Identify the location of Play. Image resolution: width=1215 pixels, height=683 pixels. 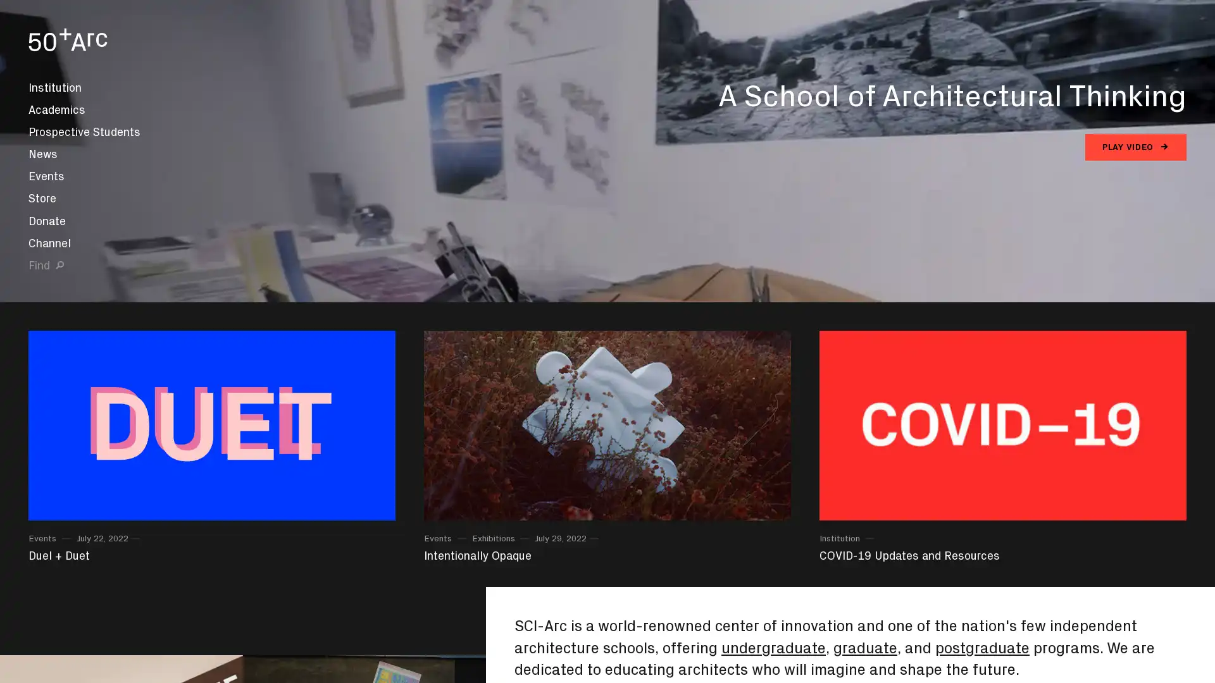
(607, 341).